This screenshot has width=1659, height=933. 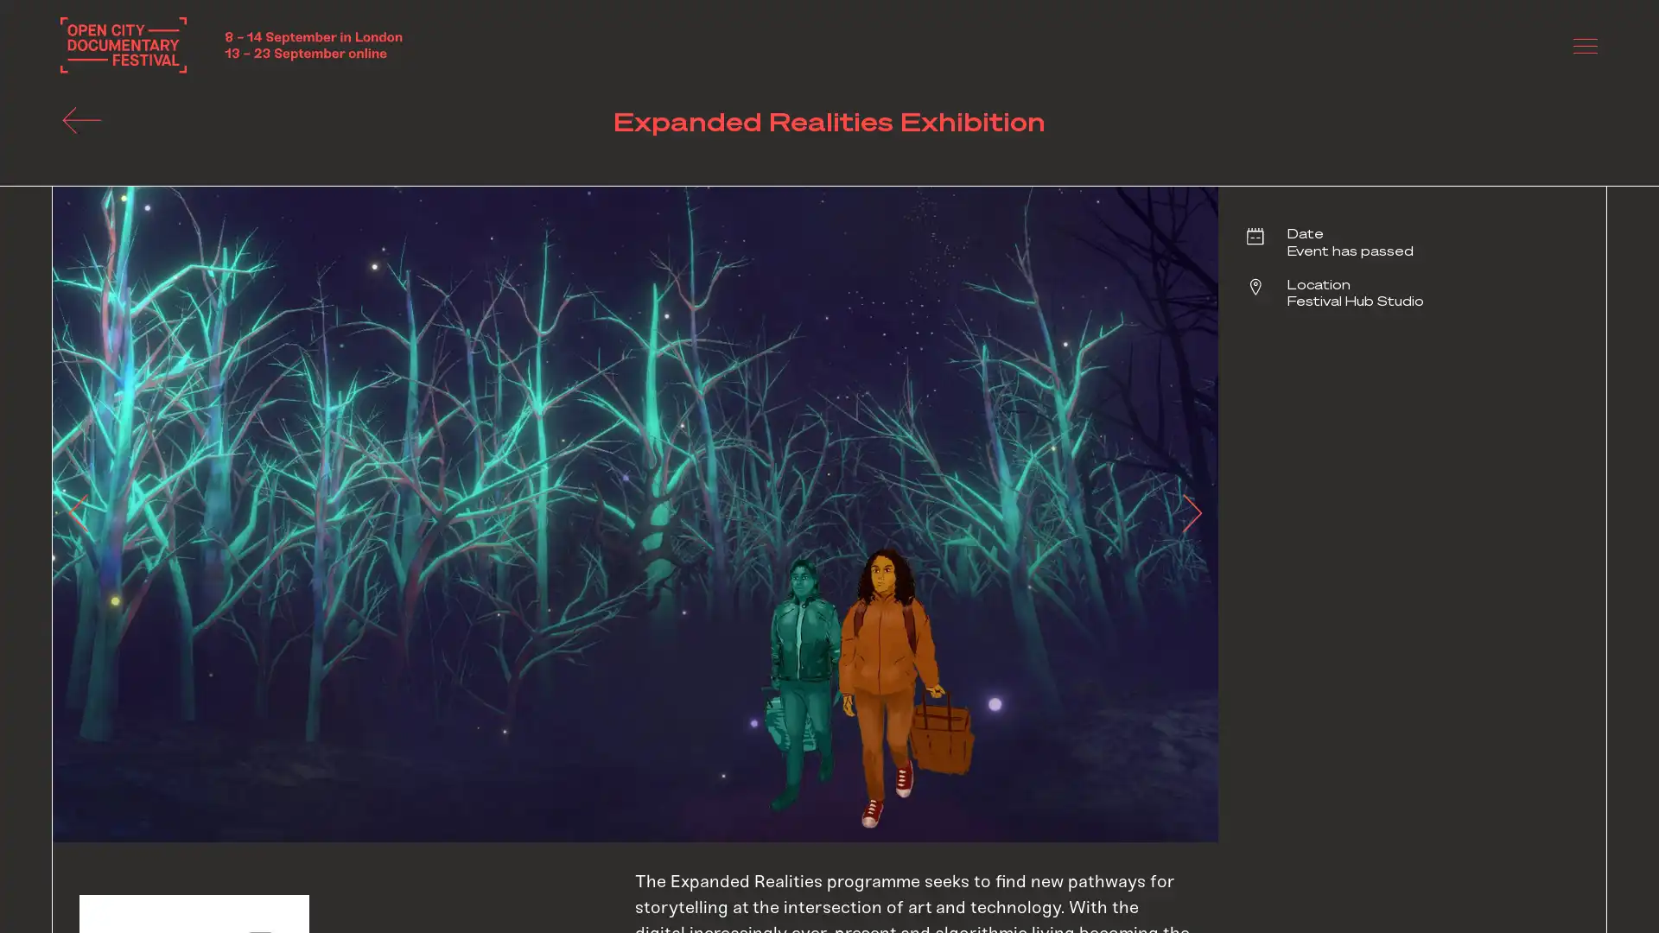 What do you see at coordinates (1181, 512) in the screenshot?
I see `Next` at bounding box center [1181, 512].